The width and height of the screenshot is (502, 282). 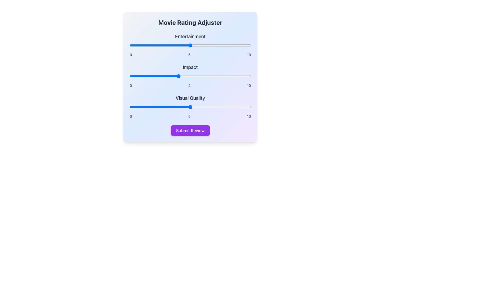 What do you see at coordinates (214, 107) in the screenshot?
I see `the slider` at bounding box center [214, 107].